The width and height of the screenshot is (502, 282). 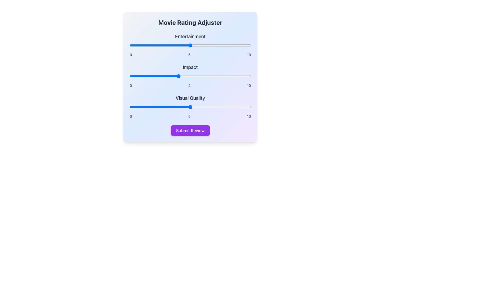 What do you see at coordinates (214, 107) in the screenshot?
I see `the slider` at bounding box center [214, 107].